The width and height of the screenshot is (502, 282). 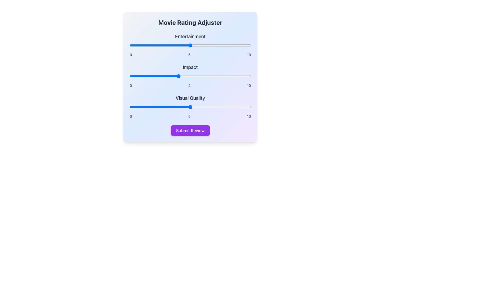 What do you see at coordinates (214, 107) in the screenshot?
I see `the slider` at bounding box center [214, 107].